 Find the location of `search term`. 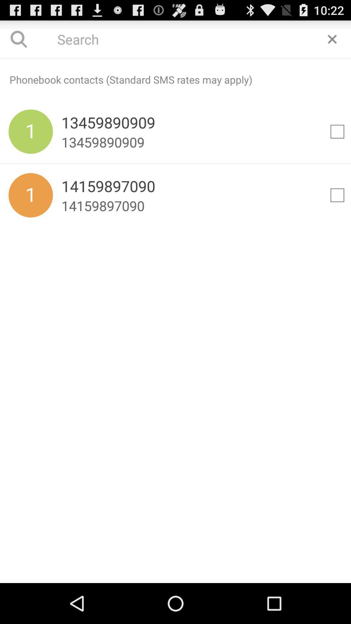

search term is located at coordinates (175, 39).